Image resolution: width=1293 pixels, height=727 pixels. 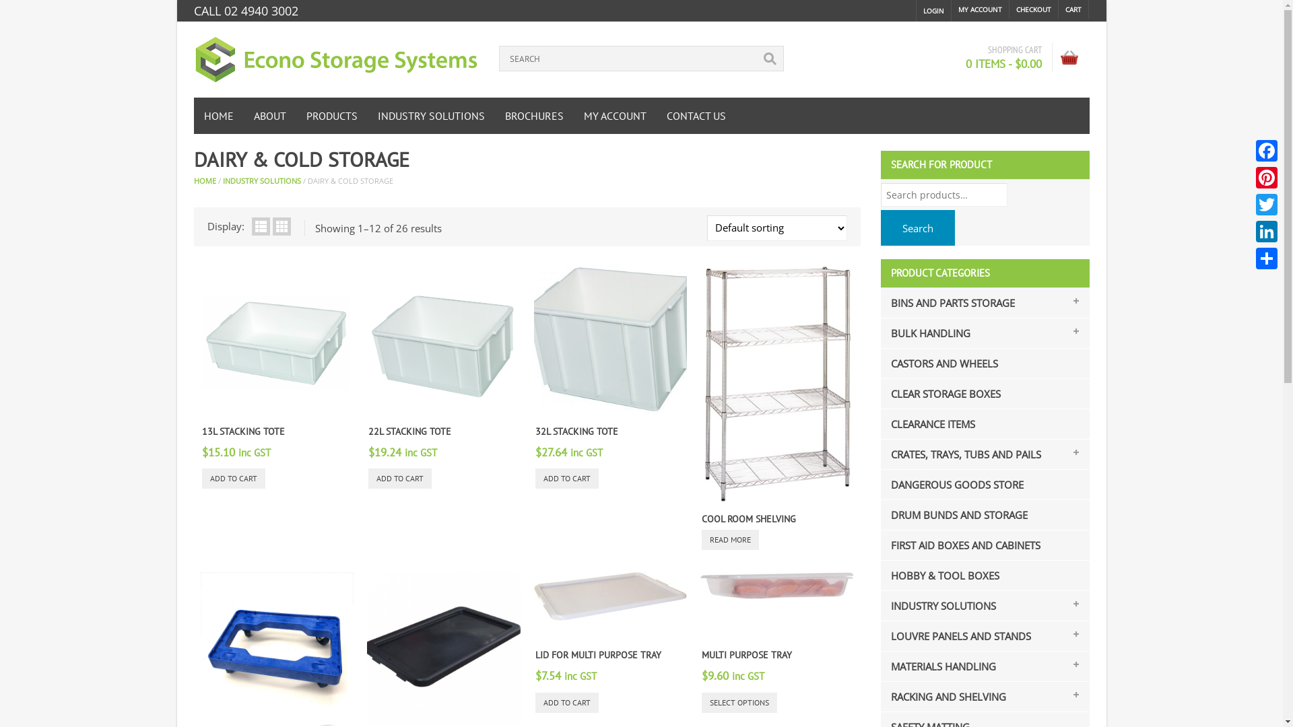 What do you see at coordinates (960, 545) in the screenshot?
I see `'FIRST AID BOXES AND CABINETS'` at bounding box center [960, 545].